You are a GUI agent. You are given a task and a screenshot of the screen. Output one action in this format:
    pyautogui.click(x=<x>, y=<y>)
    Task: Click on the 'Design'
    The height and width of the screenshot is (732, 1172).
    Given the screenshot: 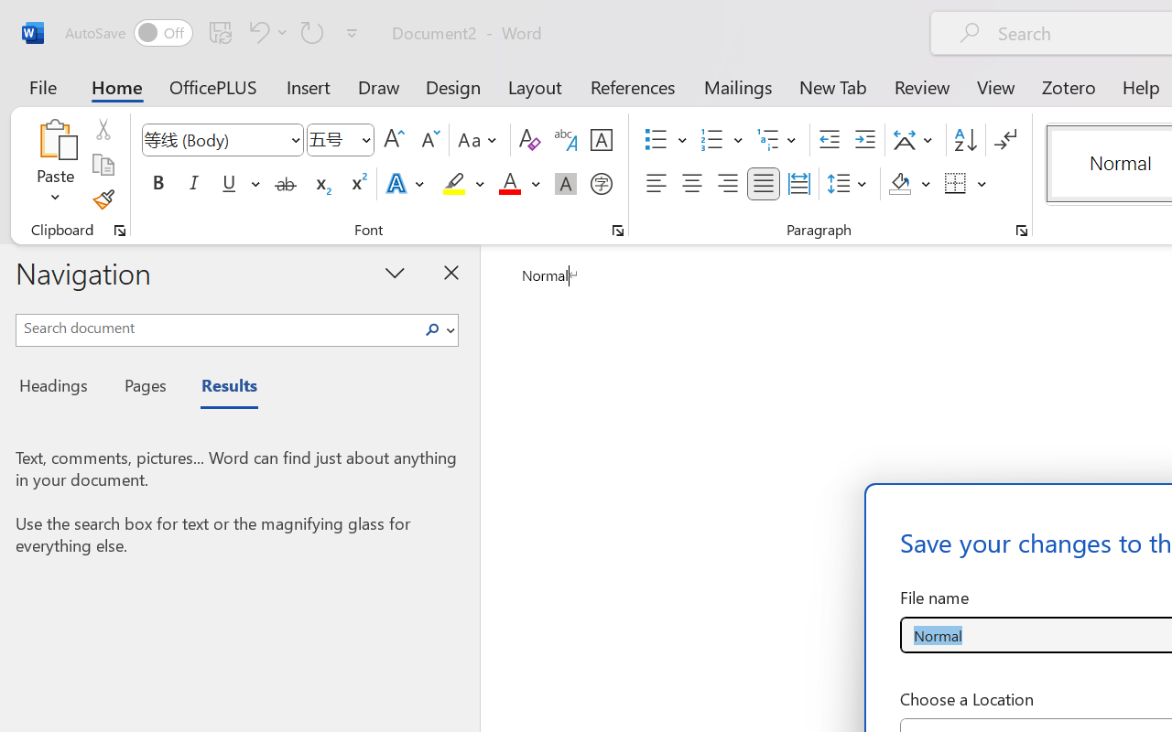 What is the action you would take?
    pyautogui.click(x=453, y=86)
    